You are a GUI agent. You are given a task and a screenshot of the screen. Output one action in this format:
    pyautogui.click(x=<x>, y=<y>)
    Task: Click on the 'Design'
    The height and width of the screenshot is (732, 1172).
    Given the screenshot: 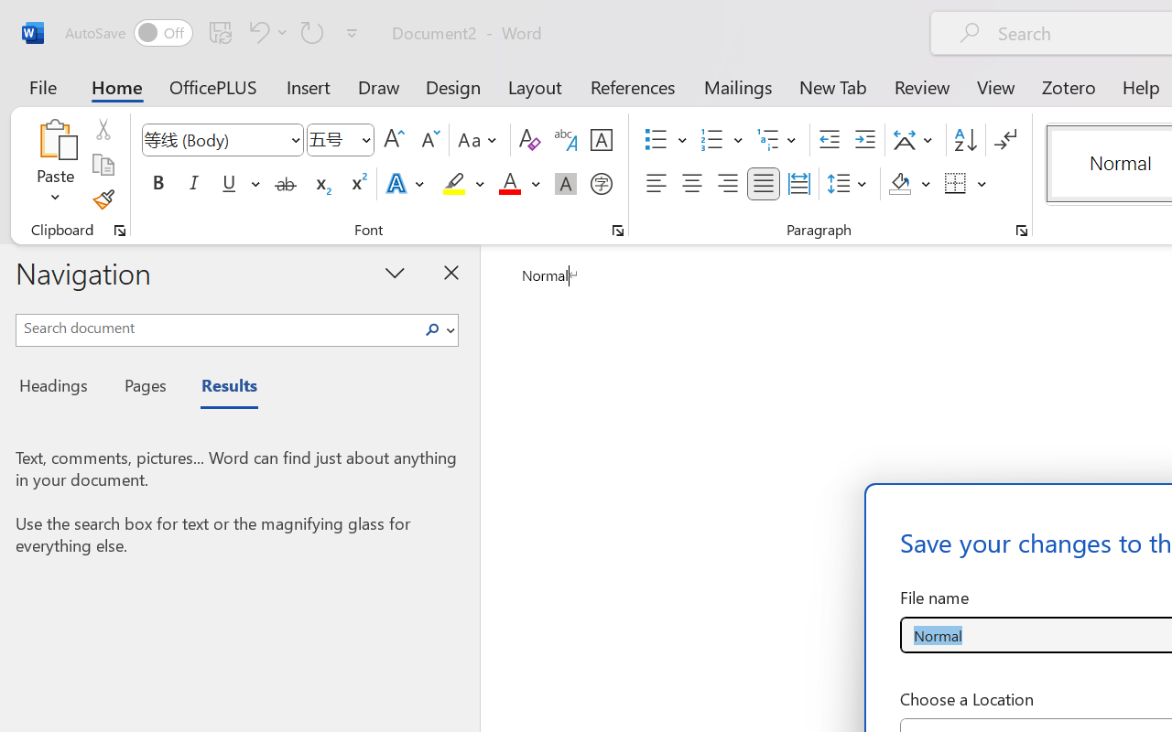 What is the action you would take?
    pyautogui.click(x=453, y=86)
    